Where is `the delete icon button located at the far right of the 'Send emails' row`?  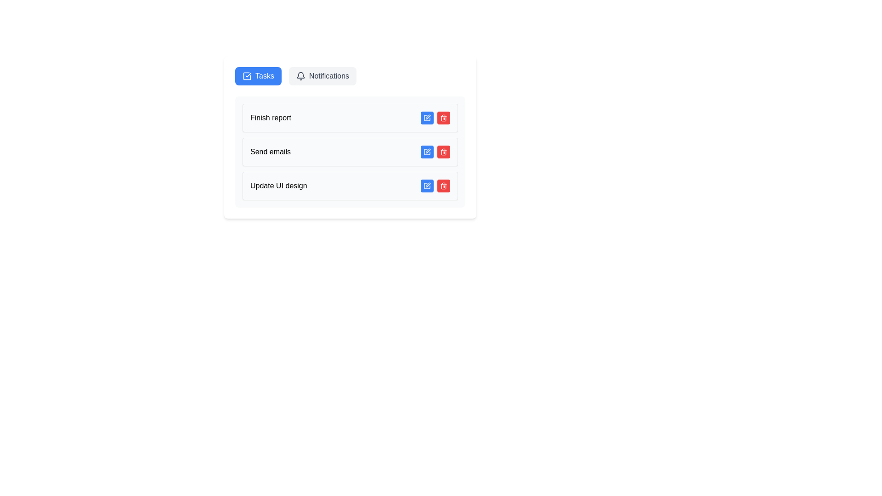 the delete icon button located at the far right of the 'Send emails' row is located at coordinates (443, 152).